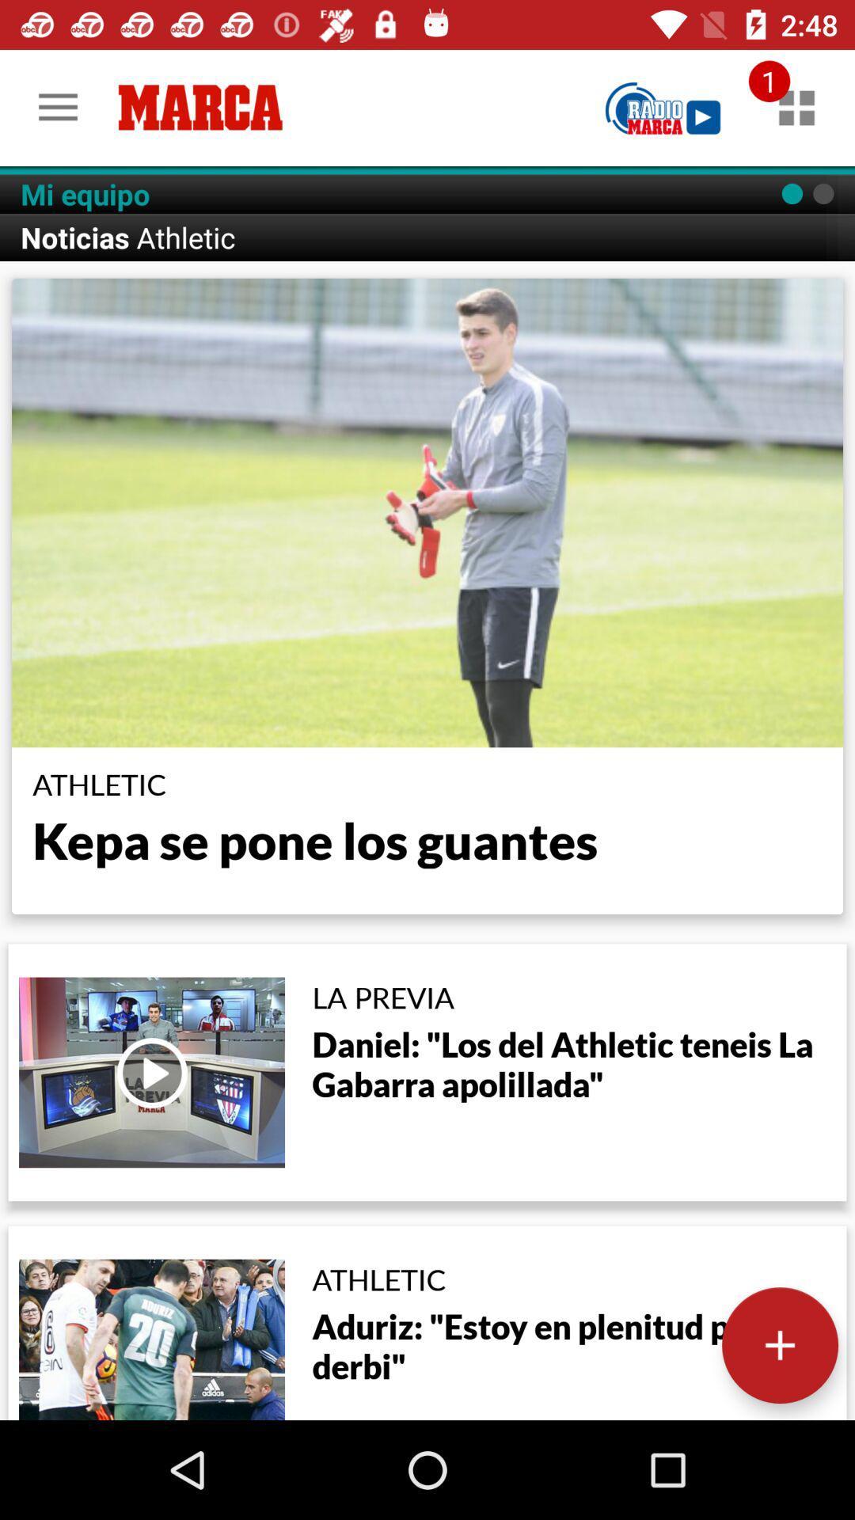 This screenshot has width=855, height=1520. I want to click on more options, so click(779, 1344).